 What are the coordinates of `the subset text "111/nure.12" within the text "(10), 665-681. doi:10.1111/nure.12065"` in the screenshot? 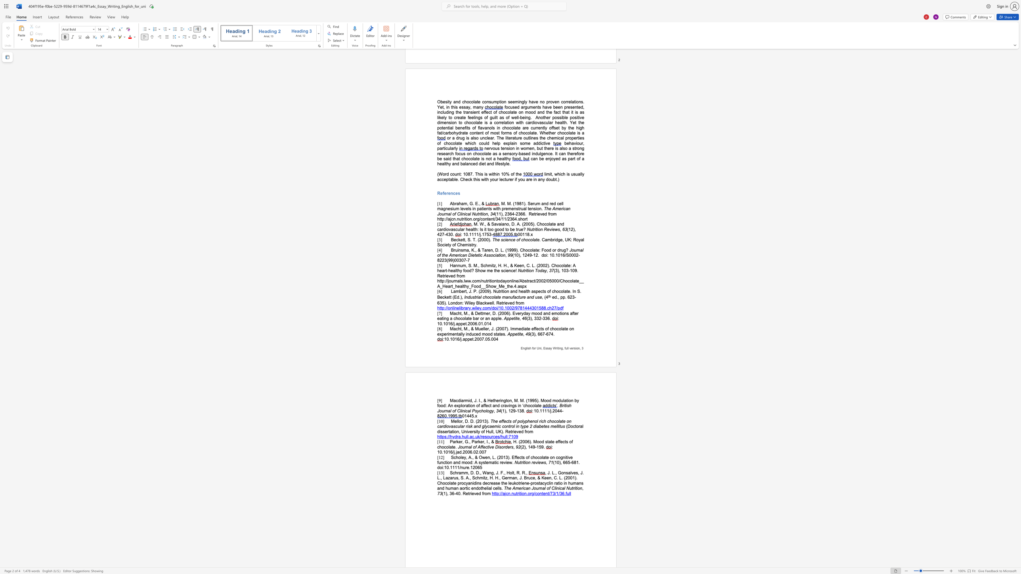 It's located at (452, 467).